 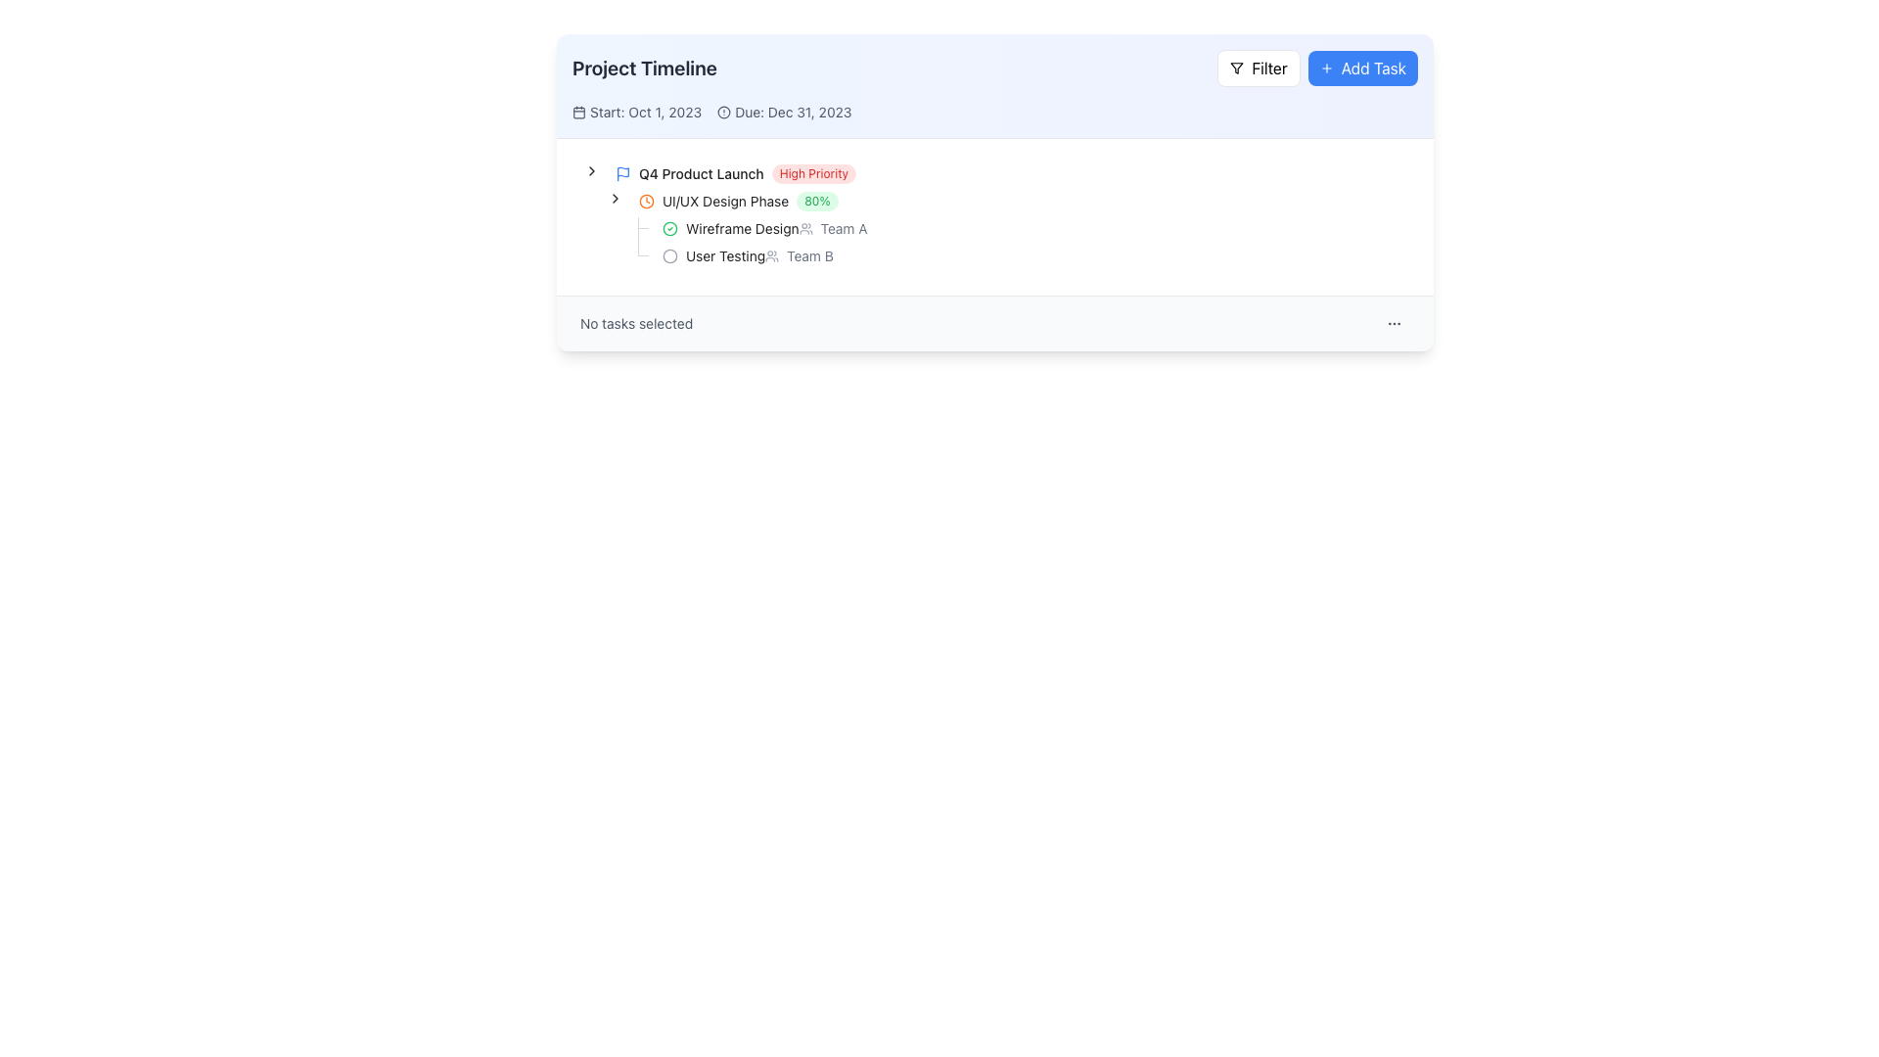 What do you see at coordinates (647, 201) in the screenshot?
I see `the inner circular feature of the clock icon located within the 'UI/UX Design Phase' entry of the project timeline` at bounding box center [647, 201].